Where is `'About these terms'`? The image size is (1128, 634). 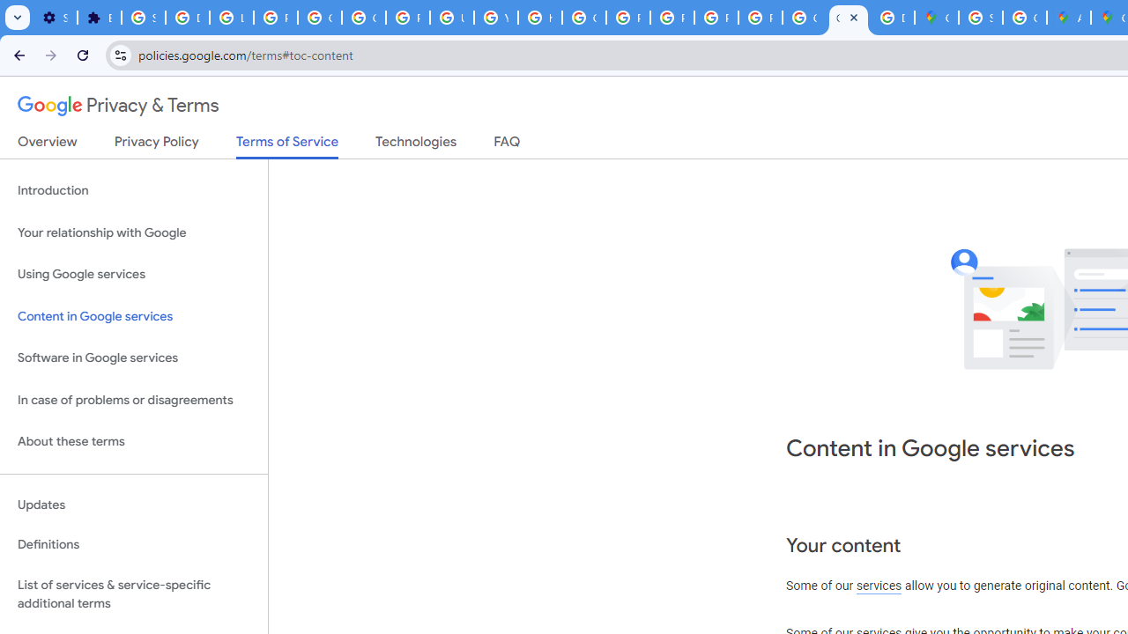
'About these terms' is located at coordinates (133, 441).